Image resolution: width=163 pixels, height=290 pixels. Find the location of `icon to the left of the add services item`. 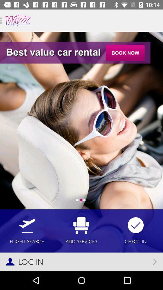

icon to the left of the add services item is located at coordinates (27, 230).